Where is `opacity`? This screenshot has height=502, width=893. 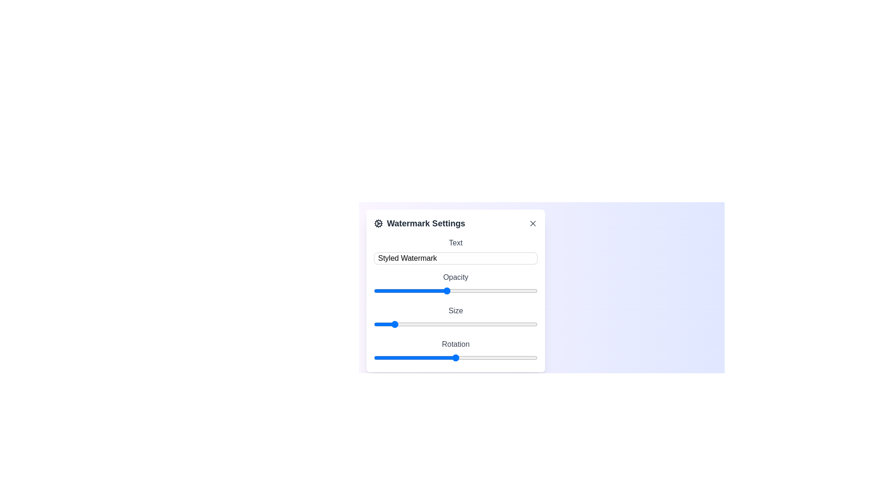
opacity is located at coordinates (355, 290).